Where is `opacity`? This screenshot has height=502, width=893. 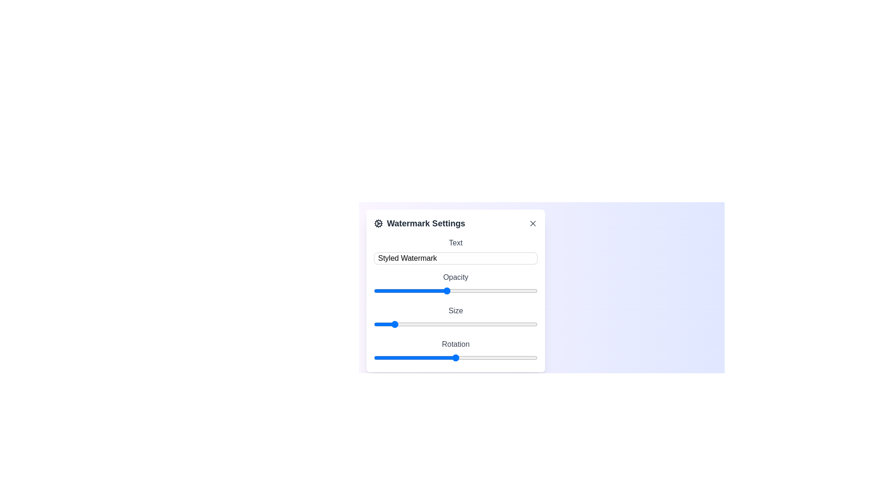
opacity is located at coordinates (355, 290).